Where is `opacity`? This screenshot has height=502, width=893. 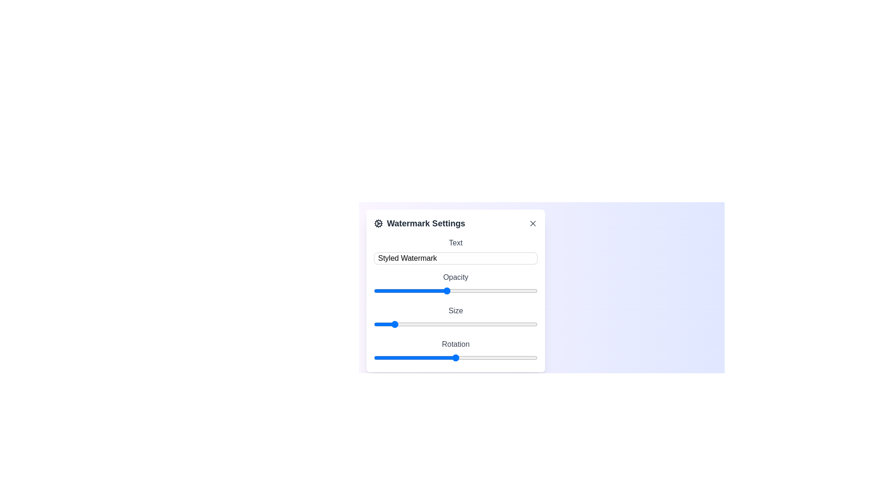
opacity is located at coordinates (355, 290).